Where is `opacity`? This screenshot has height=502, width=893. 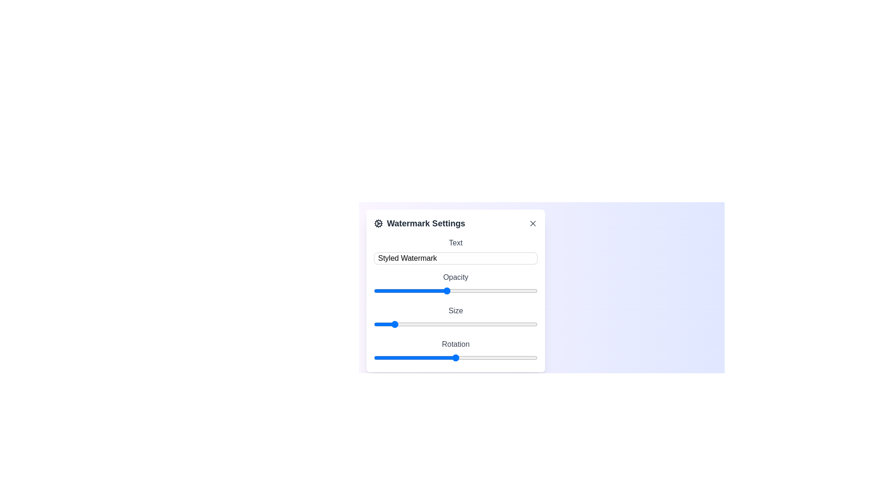
opacity is located at coordinates (355, 290).